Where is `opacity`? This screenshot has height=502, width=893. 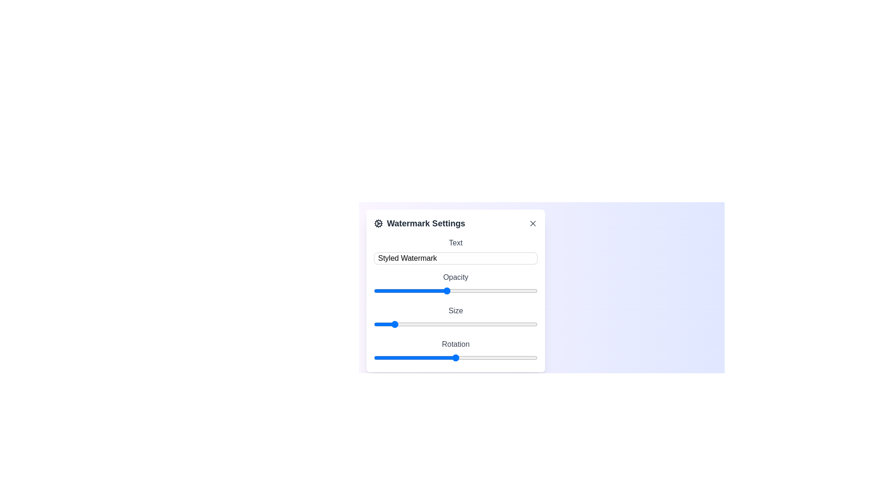
opacity is located at coordinates (355, 290).